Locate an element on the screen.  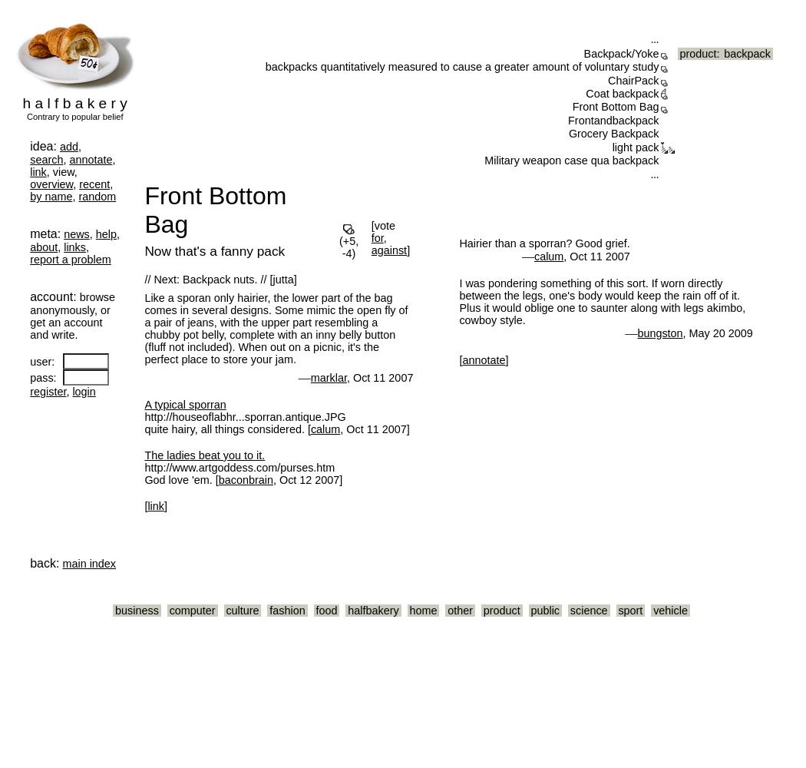
'overview' is located at coordinates (50, 184).